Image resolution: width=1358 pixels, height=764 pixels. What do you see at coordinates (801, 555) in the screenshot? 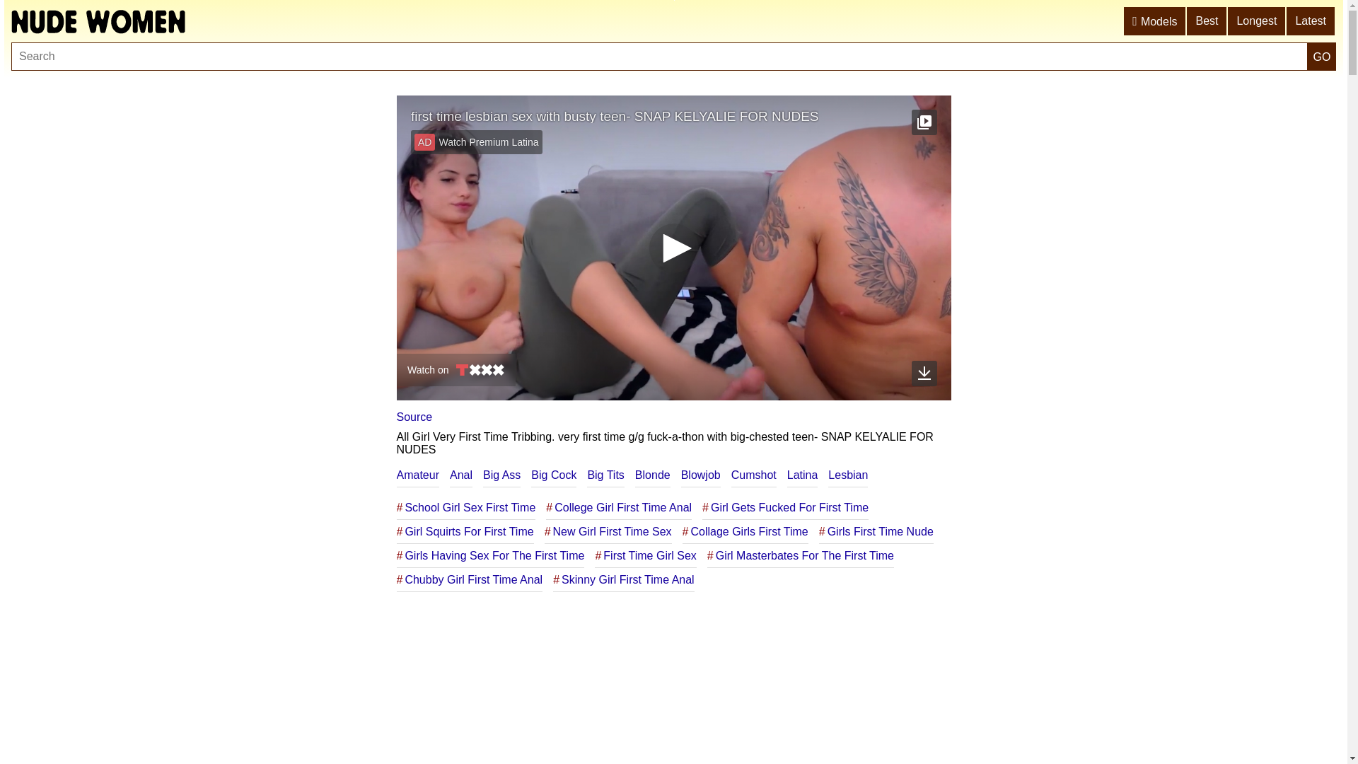
I see `'Girl Masterbates For The First Time'` at bounding box center [801, 555].